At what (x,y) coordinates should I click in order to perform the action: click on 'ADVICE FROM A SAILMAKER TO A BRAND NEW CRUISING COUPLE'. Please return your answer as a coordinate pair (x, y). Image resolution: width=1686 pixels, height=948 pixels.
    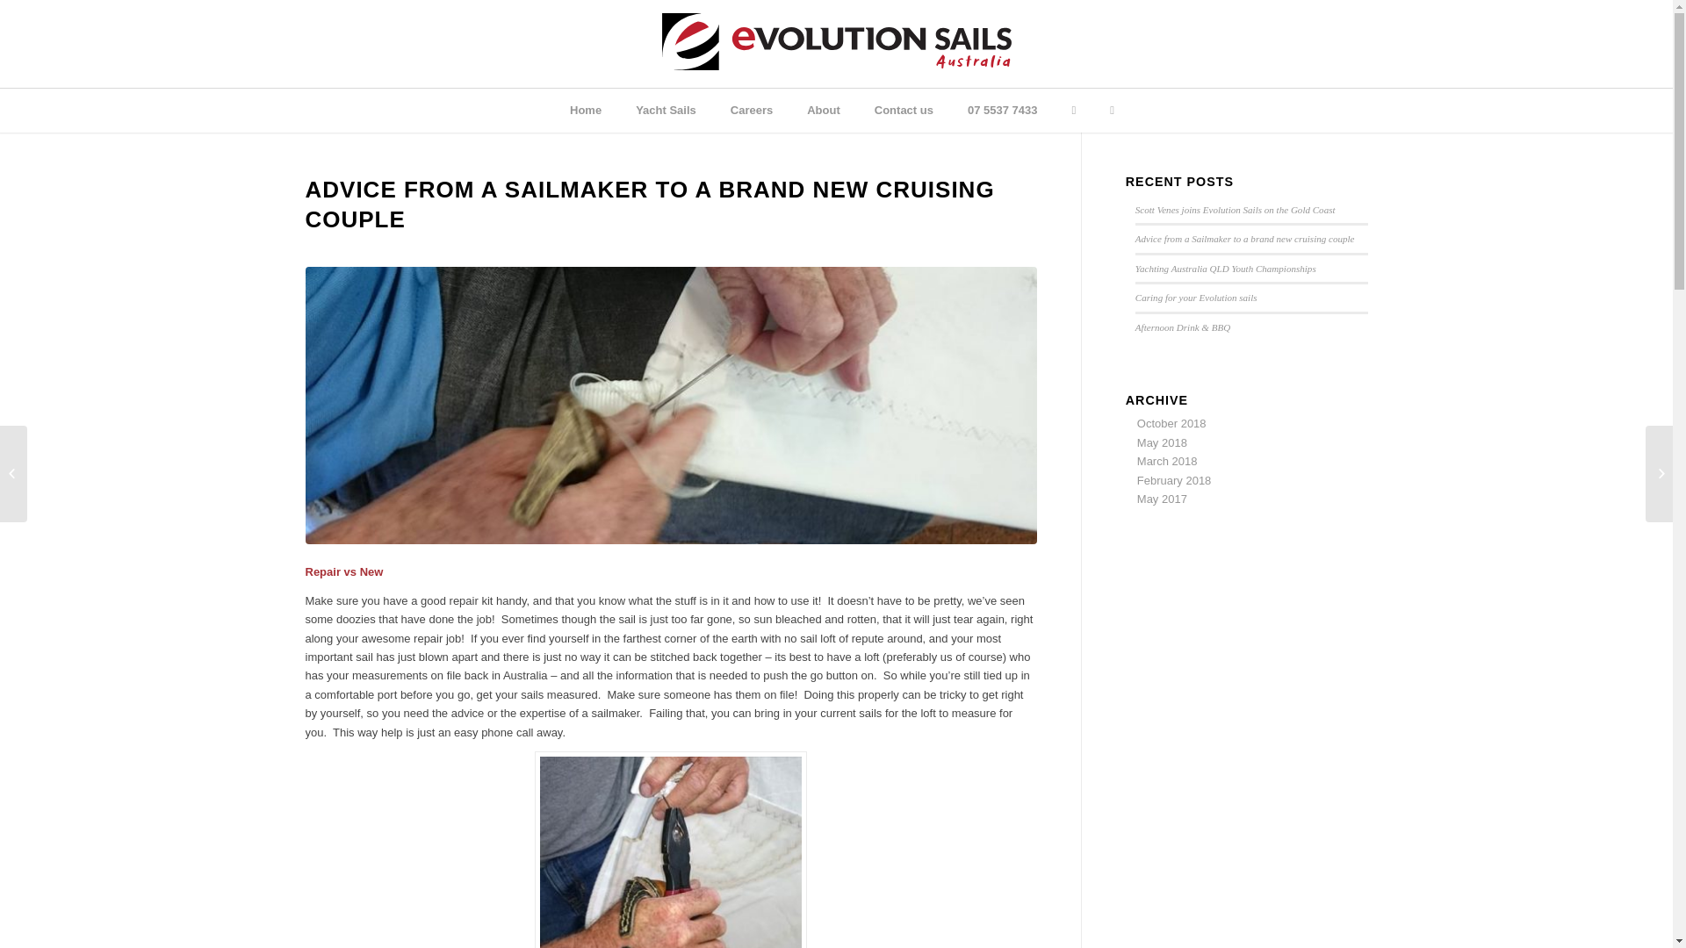
    Looking at the image, I should click on (649, 203).